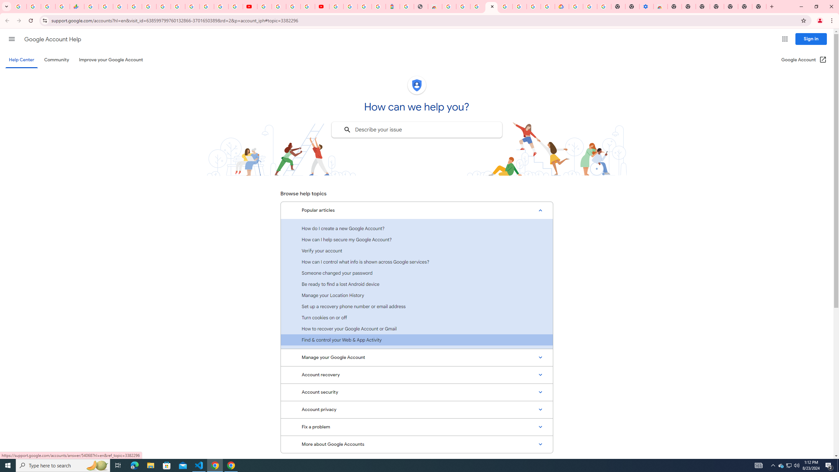 The image size is (839, 472). What do you see at coordinates (417, 262) in the screenshot?
I see `'How can I control what info is shown across Google services?'` at bounding box center [417, 262].